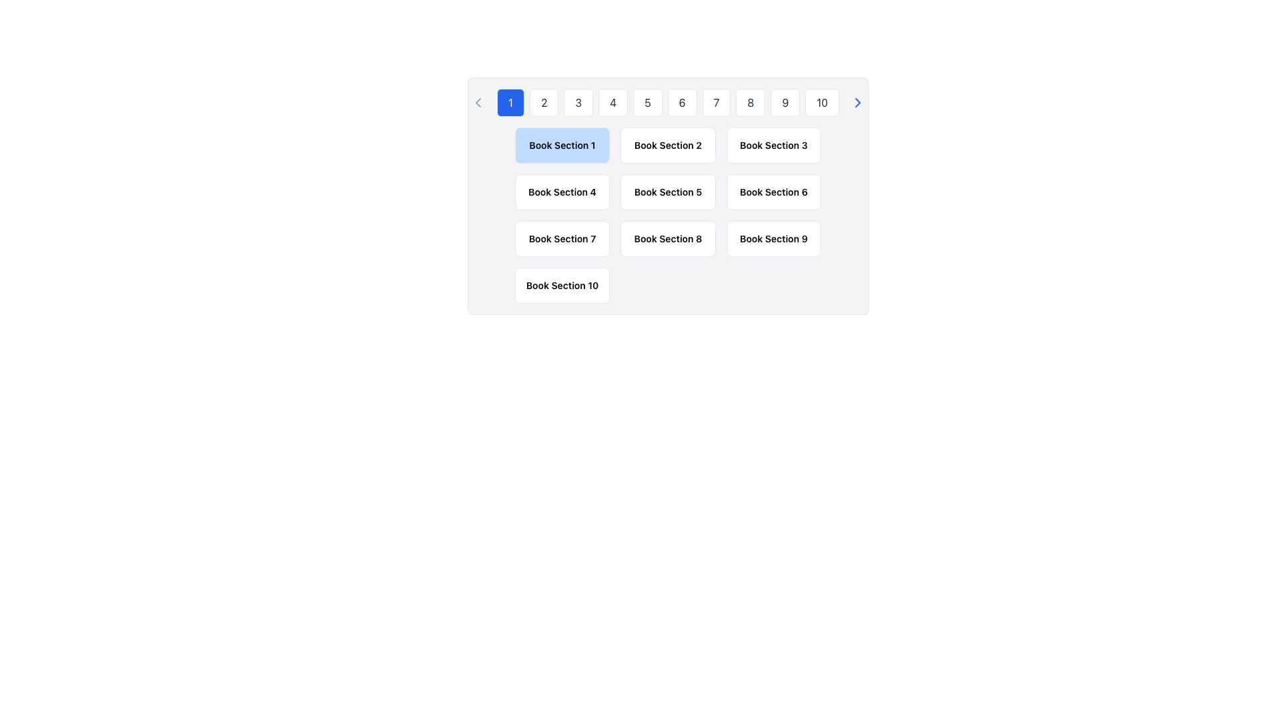 Image resolution: width=1281 pixels, height=721 pixels. Describe the element at coordinates (510, 102) in the screenshot. I see `the first button labeled '1' with a blue background` at that location.